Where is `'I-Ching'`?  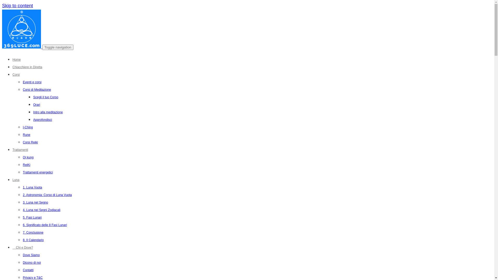
'I-Ching' is located at coordinates (22, 127).